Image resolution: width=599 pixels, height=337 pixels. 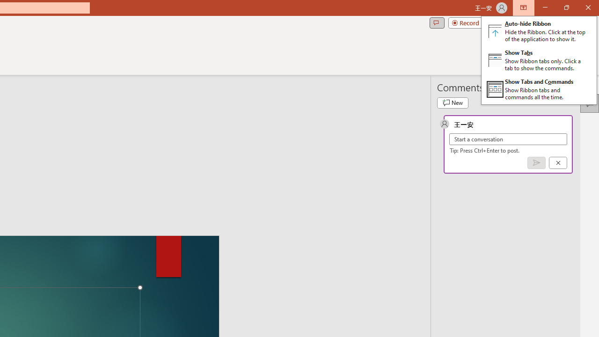 What do you see at coordinates (453, 103) in the screenshot?
I see `'New comment'` at bounding box center [453, 103].